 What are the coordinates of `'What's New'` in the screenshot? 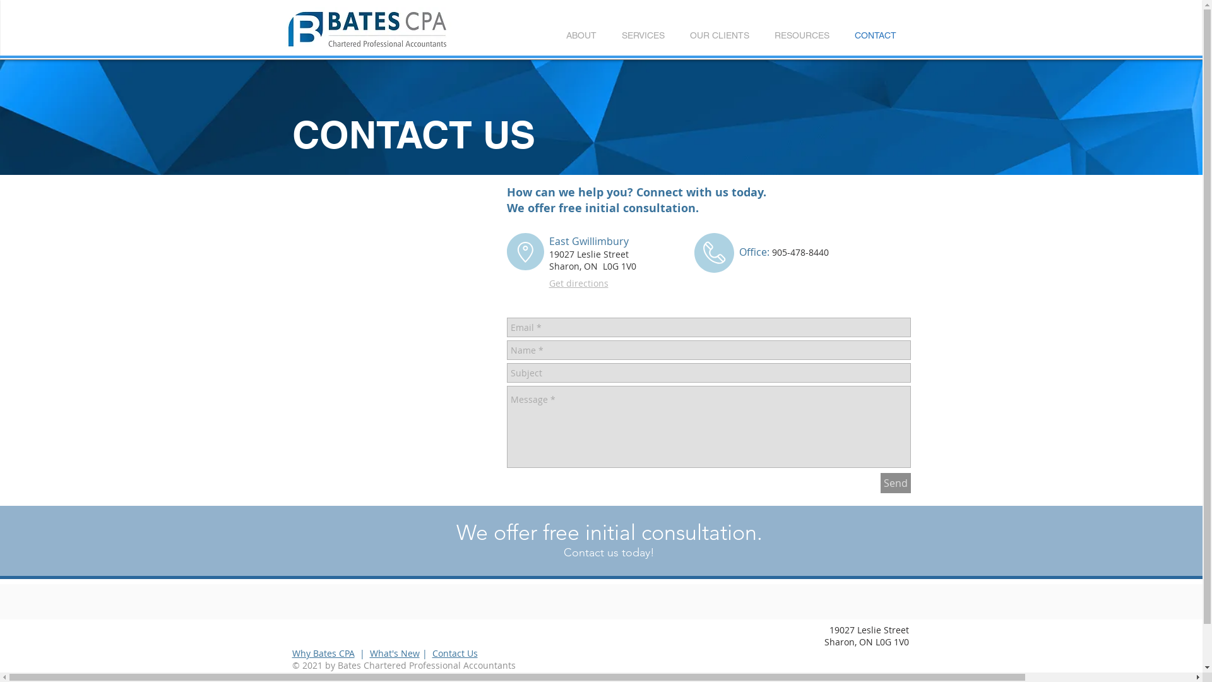 It's located at (394, 653).